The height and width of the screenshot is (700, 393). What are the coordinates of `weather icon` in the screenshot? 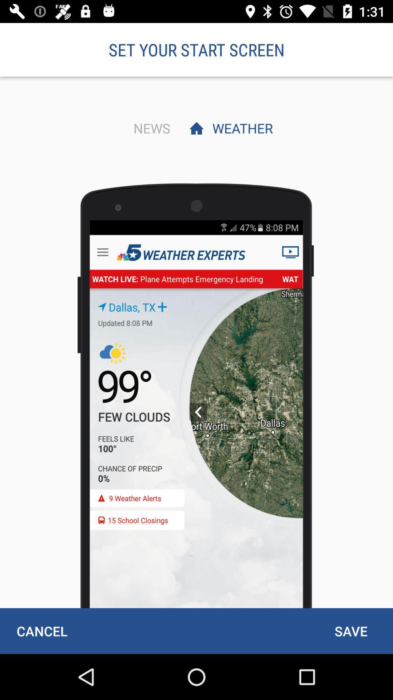 It's located at (241, 128).